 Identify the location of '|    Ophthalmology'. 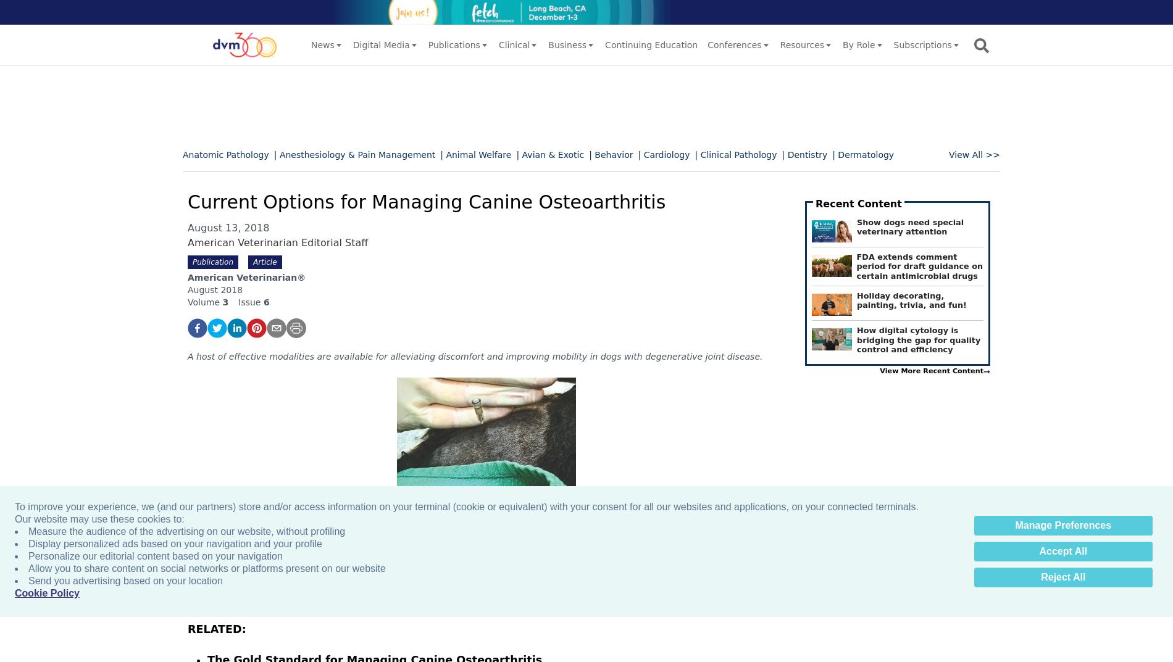
(217, 242).